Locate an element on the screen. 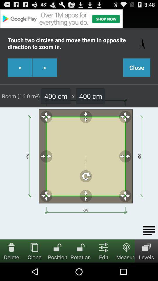 The width and height of the screenshot is (158, 281). advertisement is located at coordinates (79, 19).